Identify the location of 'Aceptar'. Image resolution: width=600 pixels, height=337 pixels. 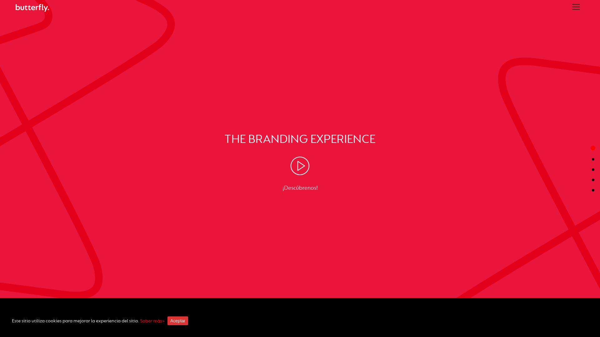
(177, 321).